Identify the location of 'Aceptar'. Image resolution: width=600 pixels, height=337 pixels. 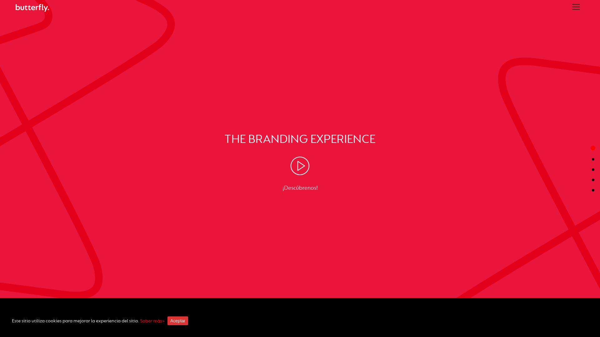
(177, 321).